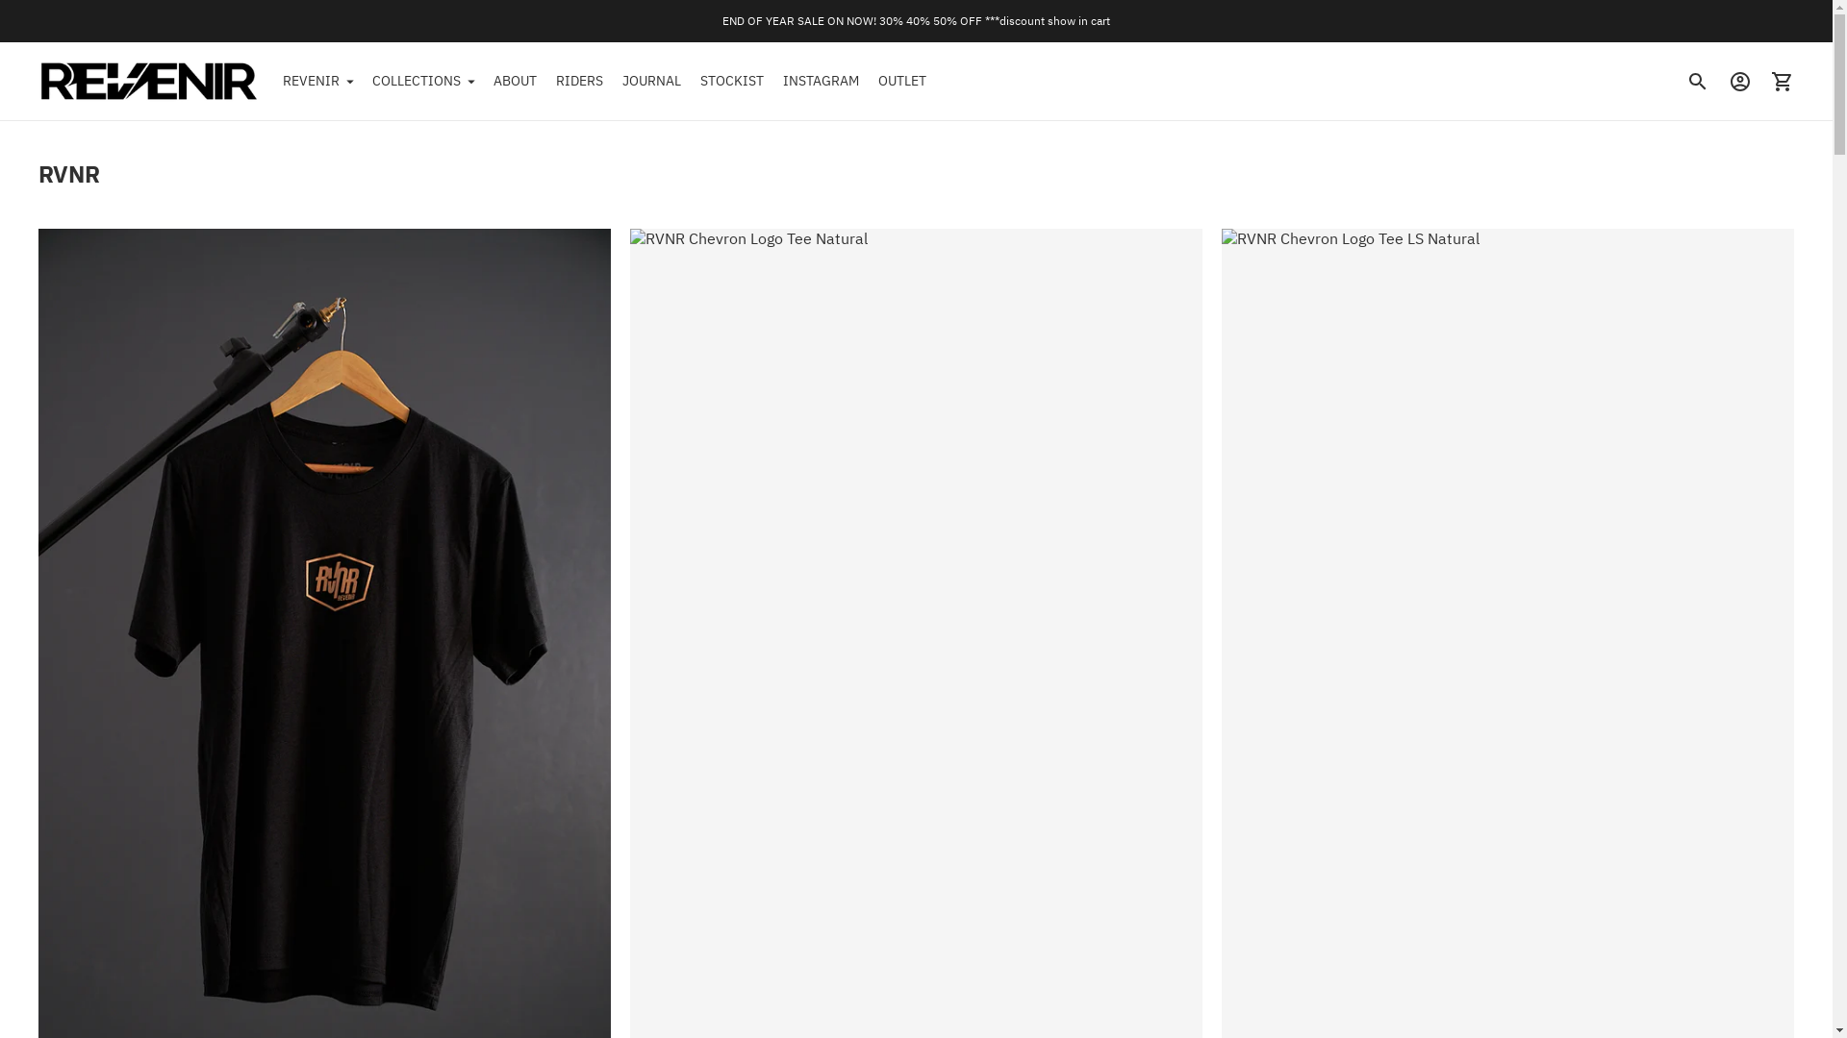  Describe the element at coordinates (651, 80) in the screenshot. I see `'JOURNAL'` at that location.